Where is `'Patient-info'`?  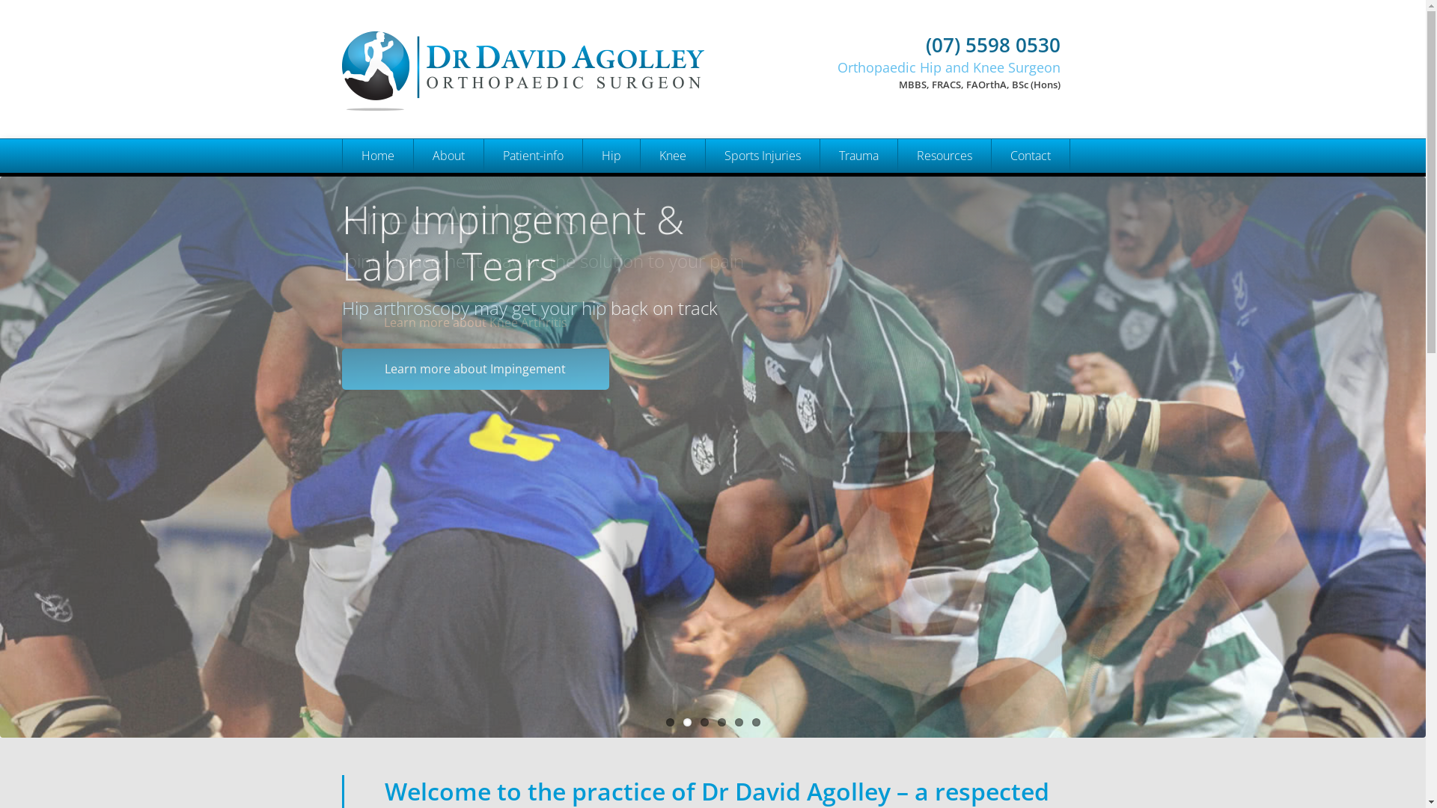
'Patient-info' is located at coordinates (532, 156).